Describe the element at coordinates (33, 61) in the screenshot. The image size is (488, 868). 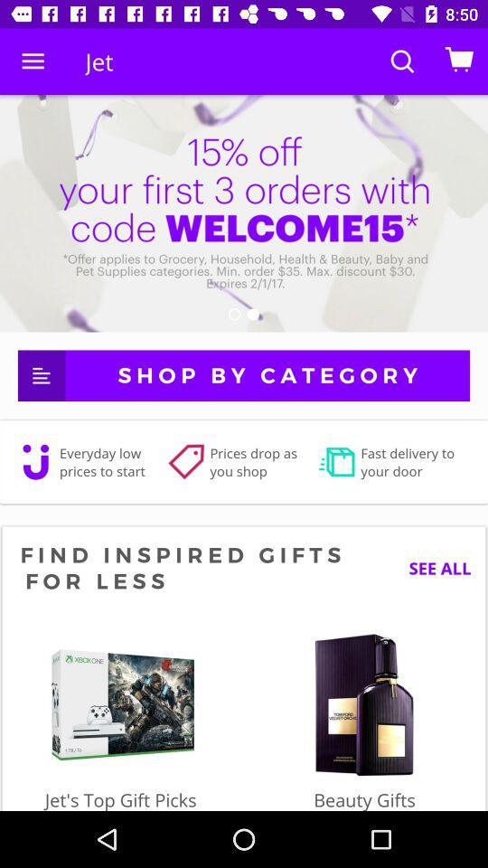
I see `item to the left of the jet icon` at that location.